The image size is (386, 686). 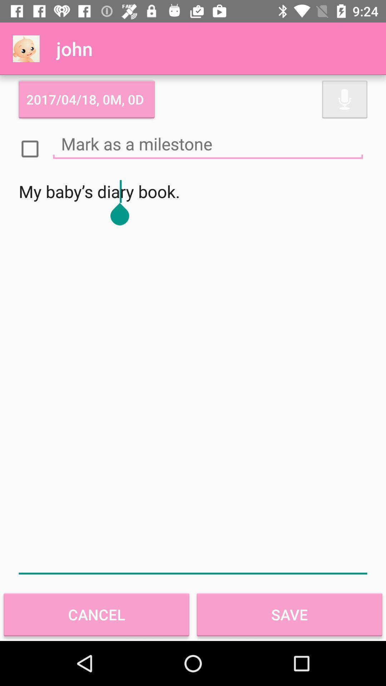 What do you see at coordinates (344, 99) in the screenshot?
I see `the microphone icon` at bounding box center [344, 99].